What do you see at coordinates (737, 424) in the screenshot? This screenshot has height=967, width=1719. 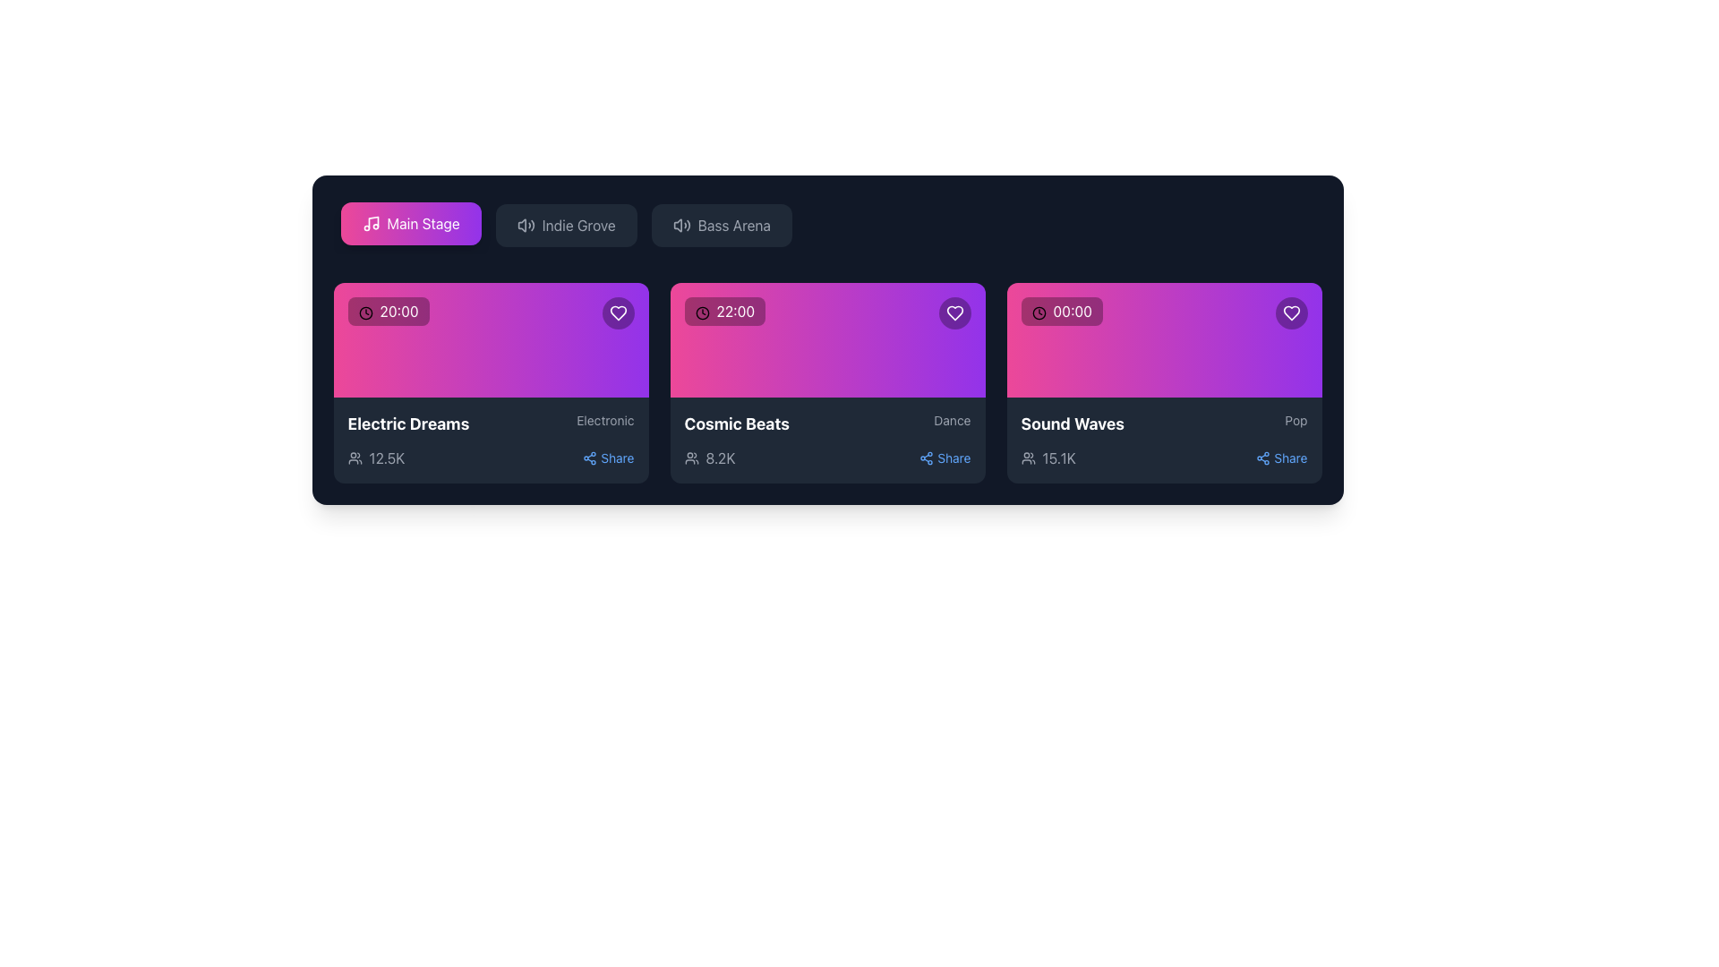 I see `the static text label displaying 'Cosmic Beats' in a bold and large font, which is located in the center of the second card among a group of event cards` at bounding box center [737, 424].